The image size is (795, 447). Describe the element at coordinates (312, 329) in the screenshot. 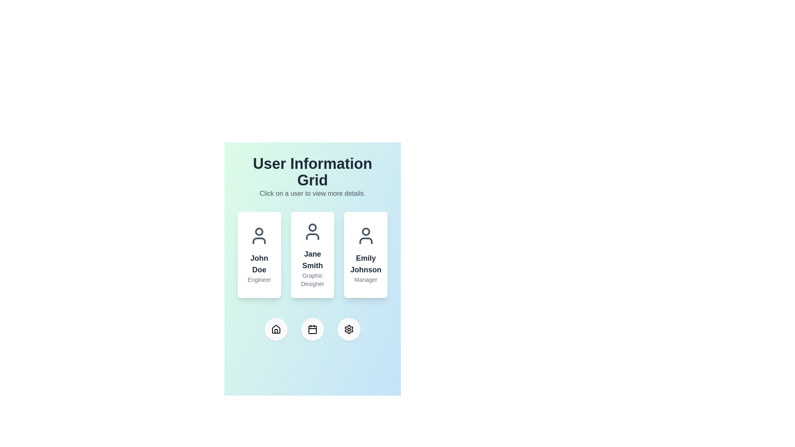

I see `the calendar icon, which is a black outlined icon within a light gray rounded button, positioned centrally among three buttons at the bottom of the interface` at that location.